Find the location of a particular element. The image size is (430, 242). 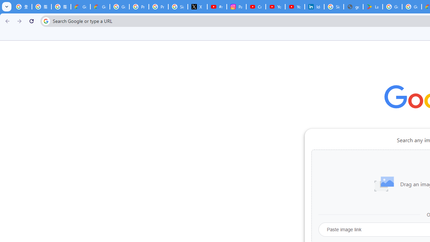

'Sign in - Google Accounts' is located at coordinates (178, 7).